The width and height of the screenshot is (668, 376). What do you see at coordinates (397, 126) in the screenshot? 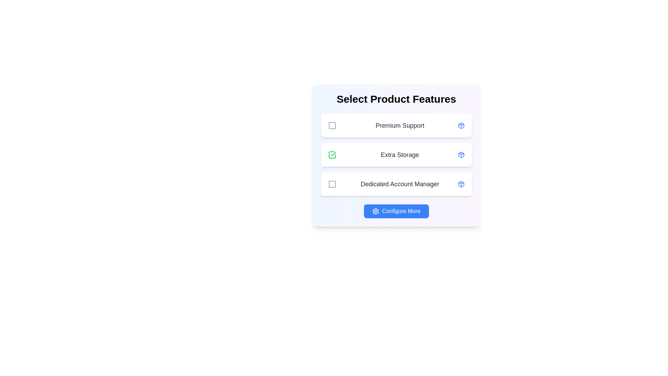
I see `the feature item Premium Support to observe its hover effect` at bounding box center [397, 126].